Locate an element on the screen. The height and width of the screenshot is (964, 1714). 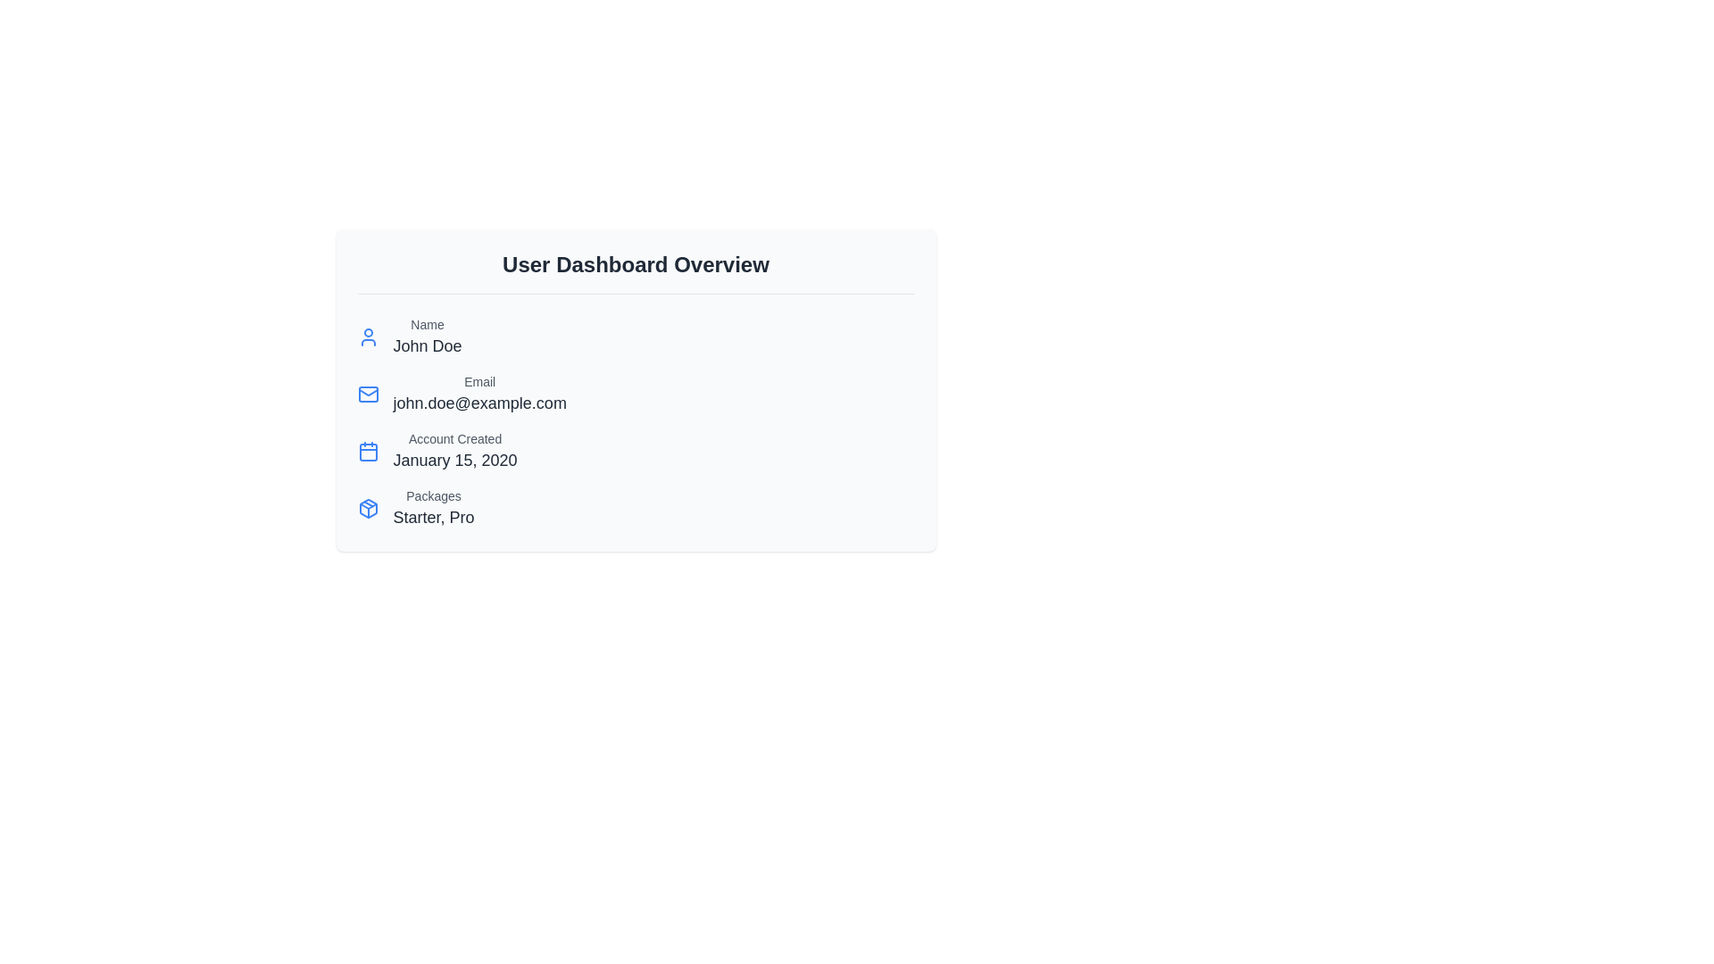
the package information icon located in the 'Packages' section at the bottom of the dashboard summary is located at coordinates (367, 509).